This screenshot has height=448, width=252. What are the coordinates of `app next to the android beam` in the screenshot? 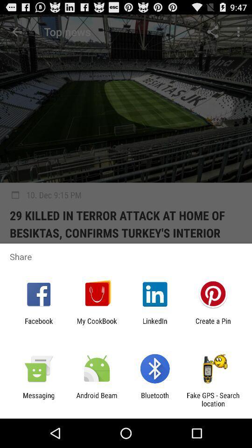 It's located at (155, 399).